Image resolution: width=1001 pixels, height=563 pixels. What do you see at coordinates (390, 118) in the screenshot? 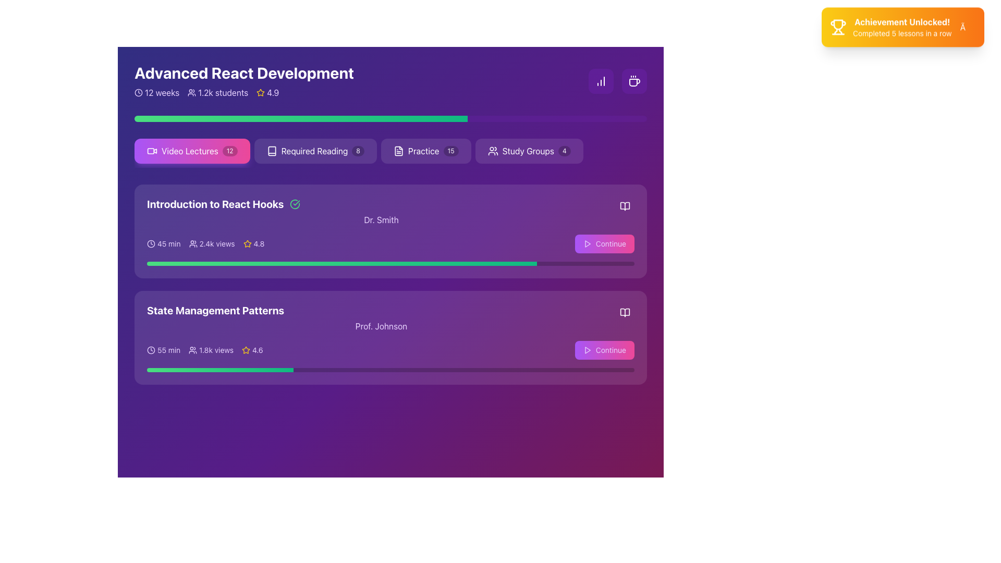
I see `the visual progress bar located beneath the title 'Advanced React Development', which indicates progression through a smaller colored fill within its width` at bounding box center [390, 118].